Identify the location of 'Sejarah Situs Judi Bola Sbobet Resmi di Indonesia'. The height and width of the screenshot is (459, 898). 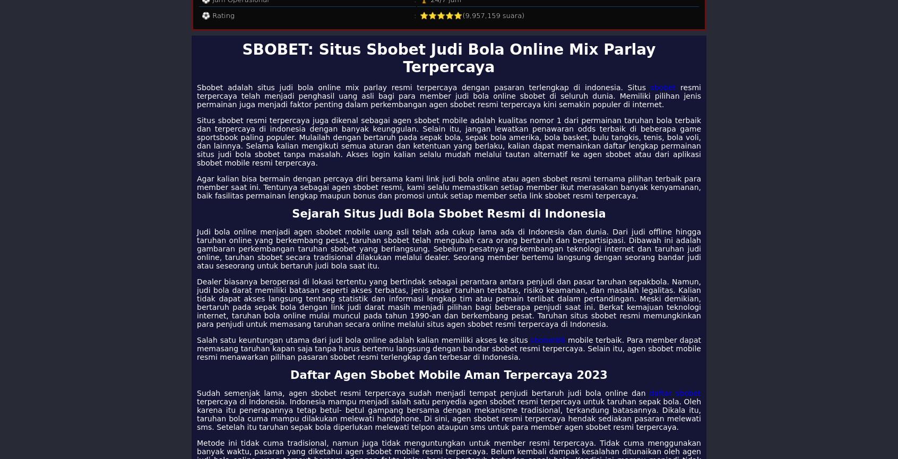
(448, 214).